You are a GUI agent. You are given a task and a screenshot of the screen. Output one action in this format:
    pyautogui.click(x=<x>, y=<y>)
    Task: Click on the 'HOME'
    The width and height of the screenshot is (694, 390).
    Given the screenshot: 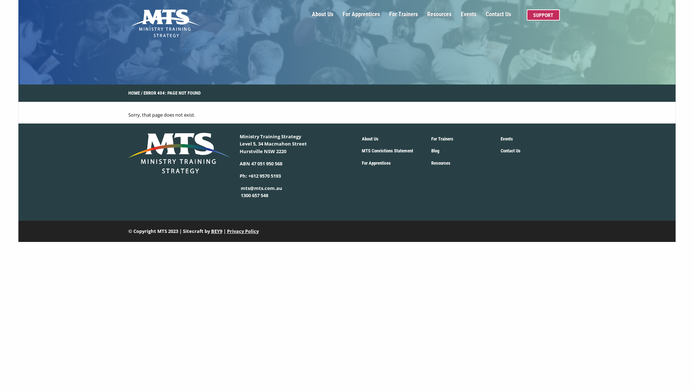 What is the action you would take?
    pyautogui.click(x=134, y=93)
    